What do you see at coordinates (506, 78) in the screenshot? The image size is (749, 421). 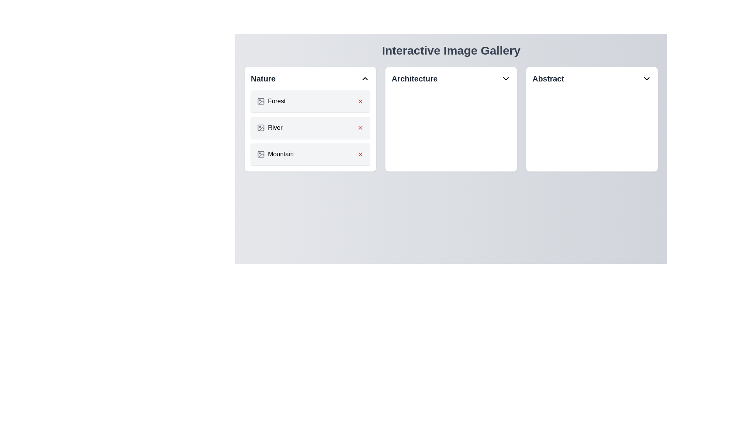 I see `the dropdown chevron icon located to the right of the 'Architecture' text` at bounding box center [506, 78].